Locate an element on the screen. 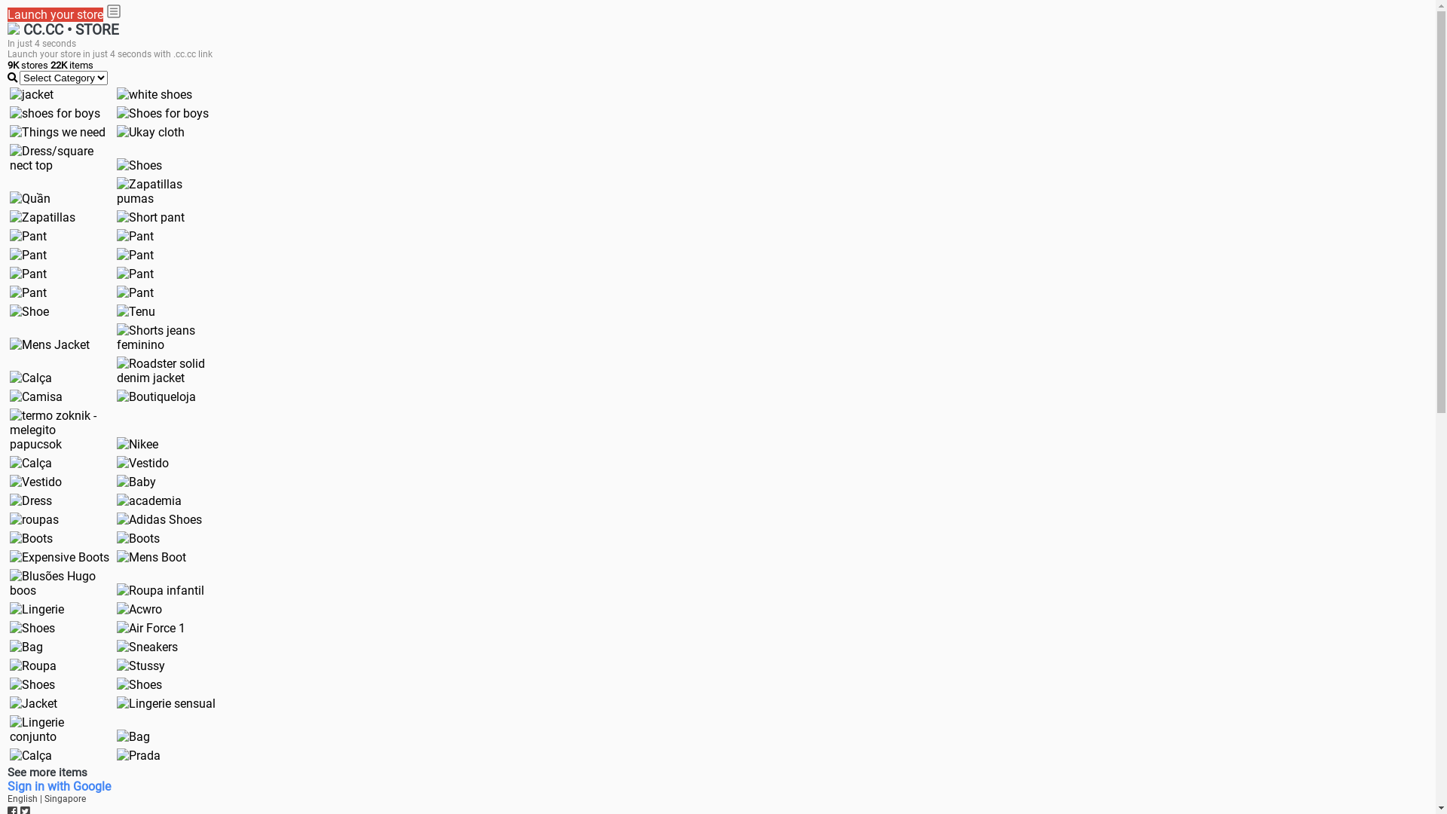 The width and height of the screenshot is (1447, 814). 'Shorts jeans feminino' is located at coordinates (166, 336).